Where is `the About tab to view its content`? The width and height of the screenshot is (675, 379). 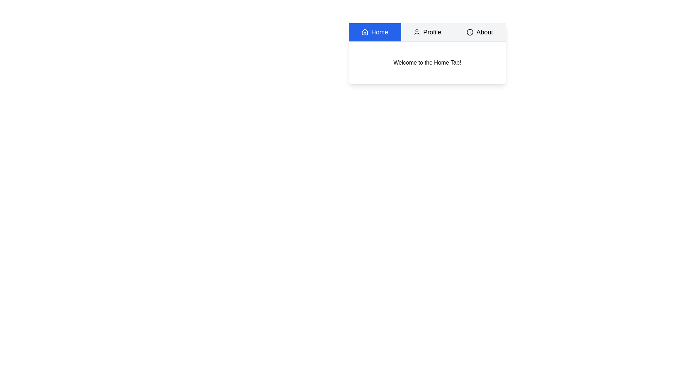 the About tab to view its content is located at coordinates (479, 32).